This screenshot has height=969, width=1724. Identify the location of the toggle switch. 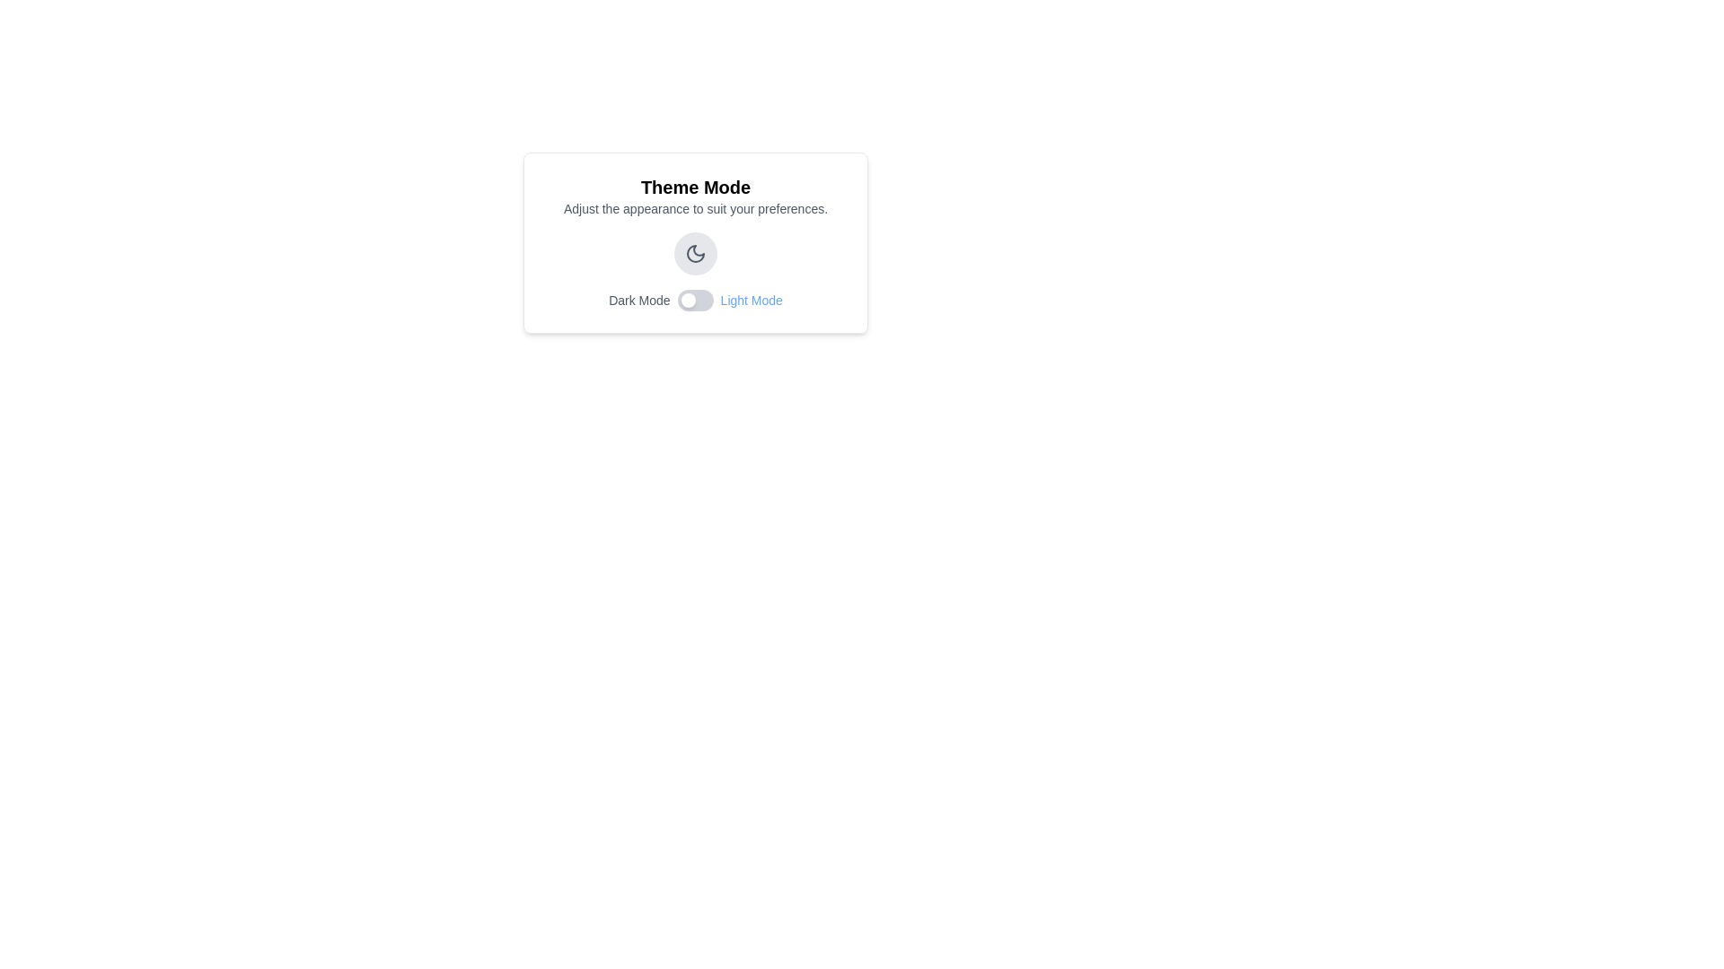
(676, 300).